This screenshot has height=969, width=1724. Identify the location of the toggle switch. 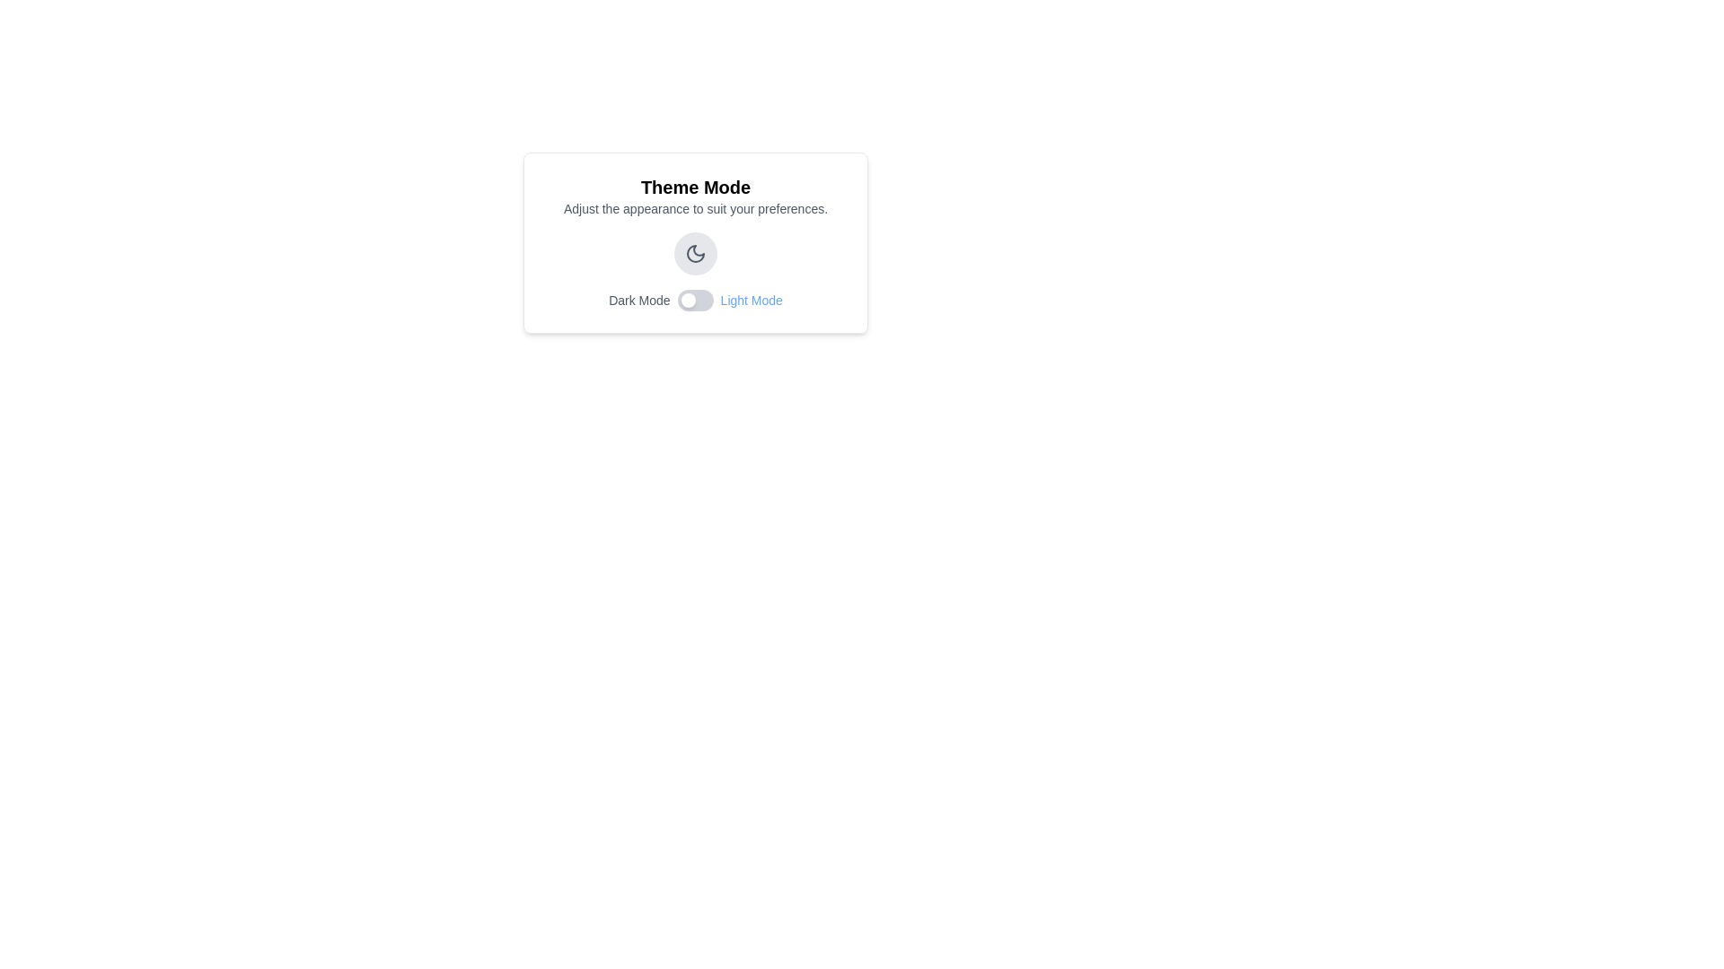
(676, 300).